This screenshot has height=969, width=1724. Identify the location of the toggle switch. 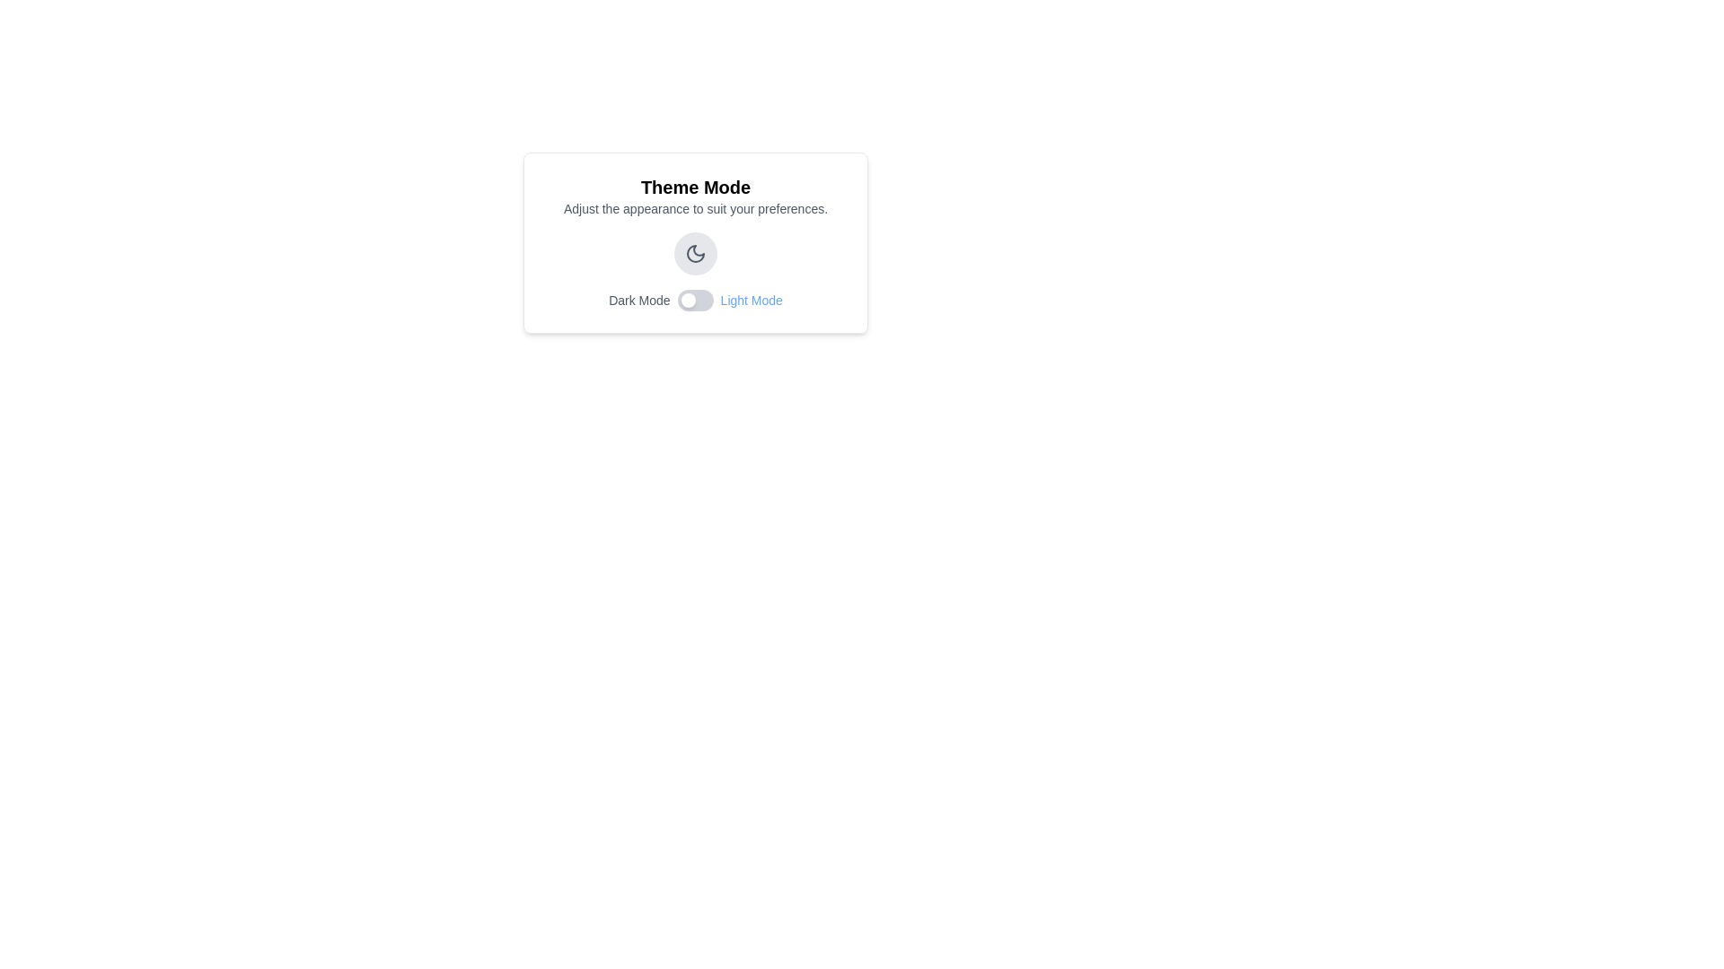
(676, 300).